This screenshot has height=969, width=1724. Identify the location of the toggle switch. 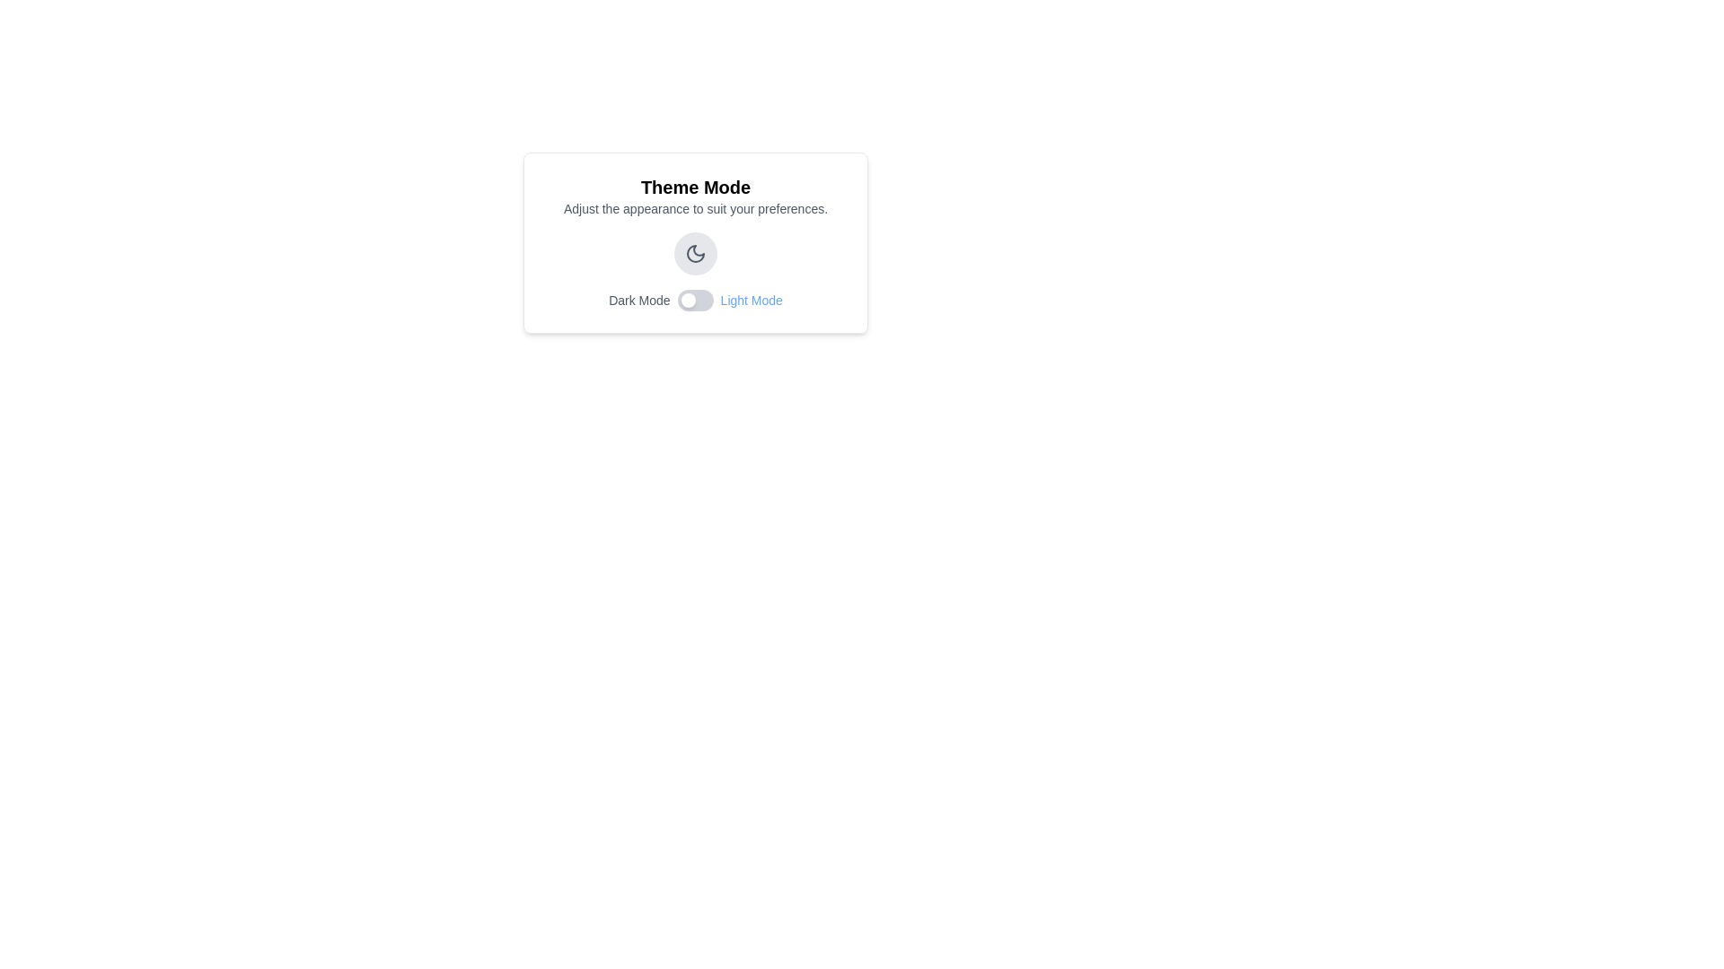
(676, 300).